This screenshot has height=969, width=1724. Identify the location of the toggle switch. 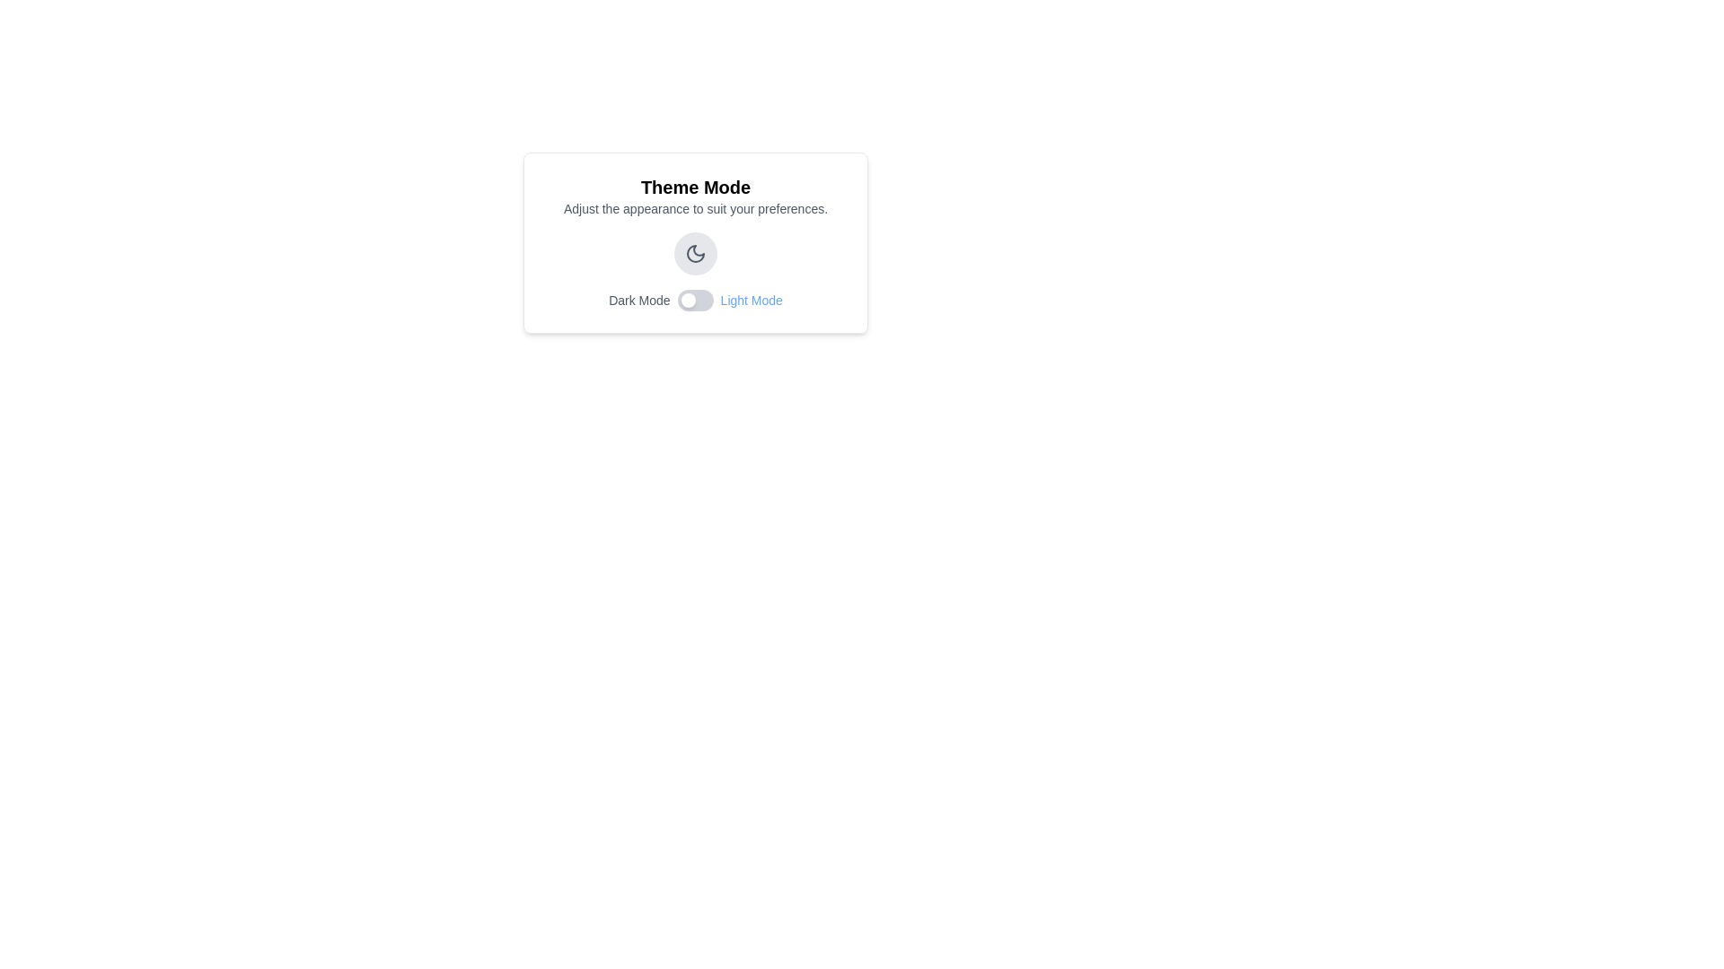
(676, 300).